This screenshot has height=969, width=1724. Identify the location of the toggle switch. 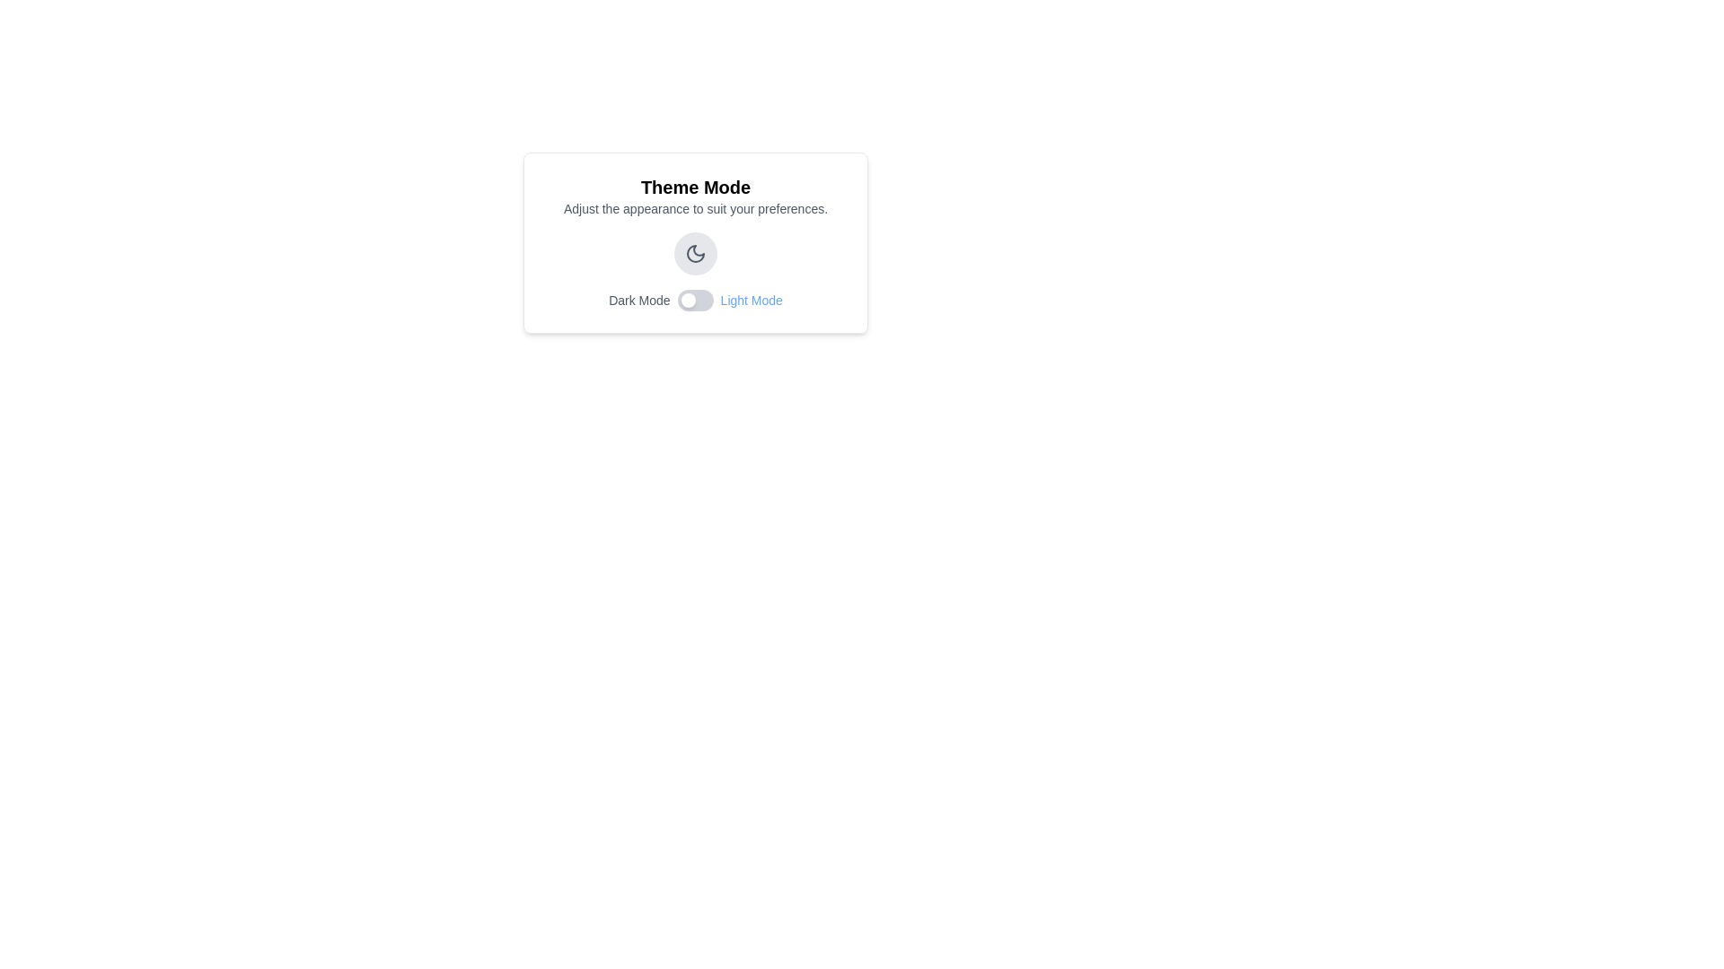
(676, 300).